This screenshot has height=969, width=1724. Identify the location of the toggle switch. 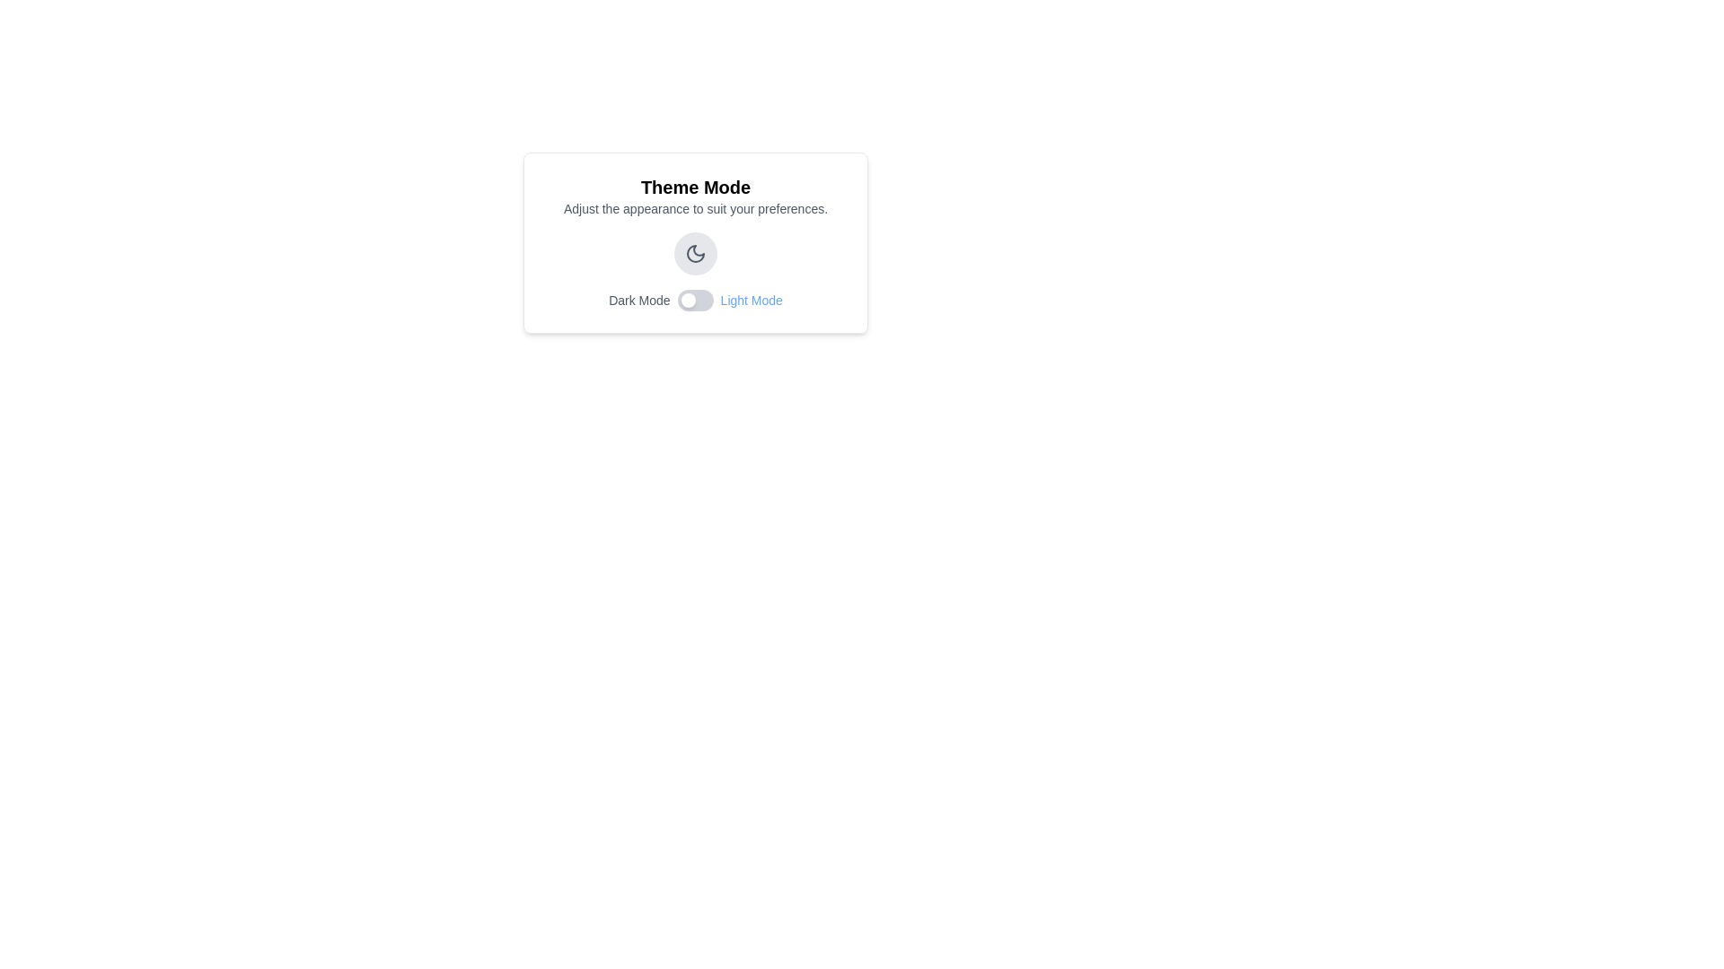
(676, 300).